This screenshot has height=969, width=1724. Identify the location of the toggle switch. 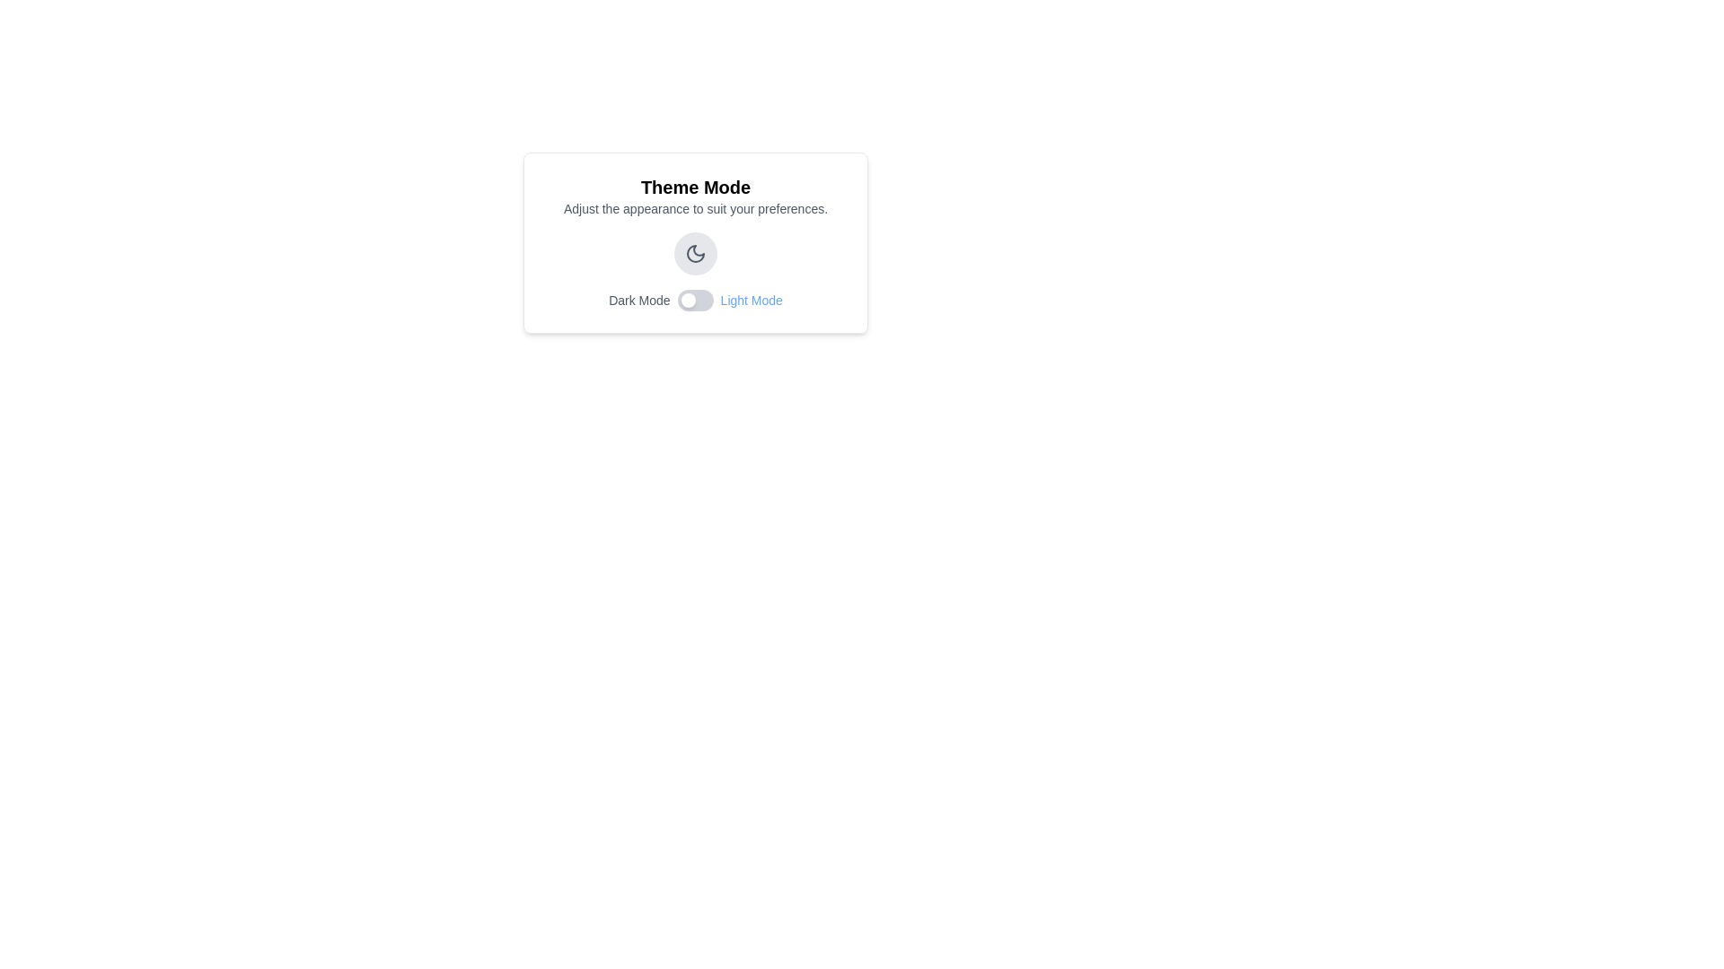
(676, 300).